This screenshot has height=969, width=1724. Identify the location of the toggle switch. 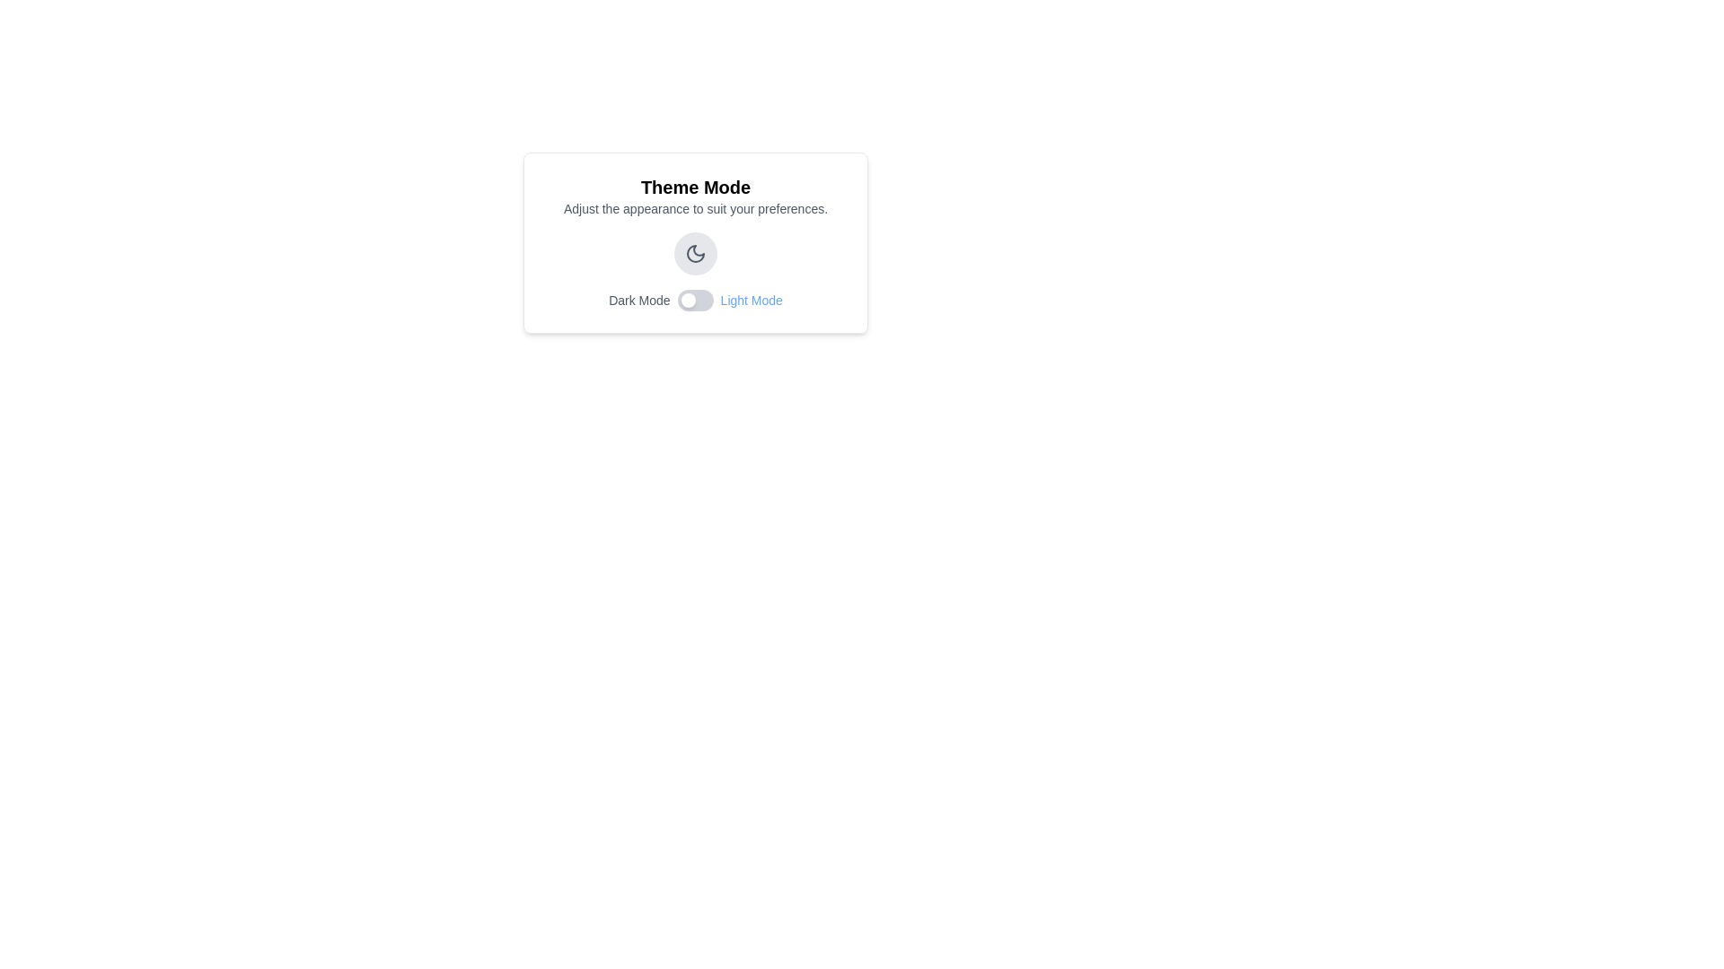
(676, 300).